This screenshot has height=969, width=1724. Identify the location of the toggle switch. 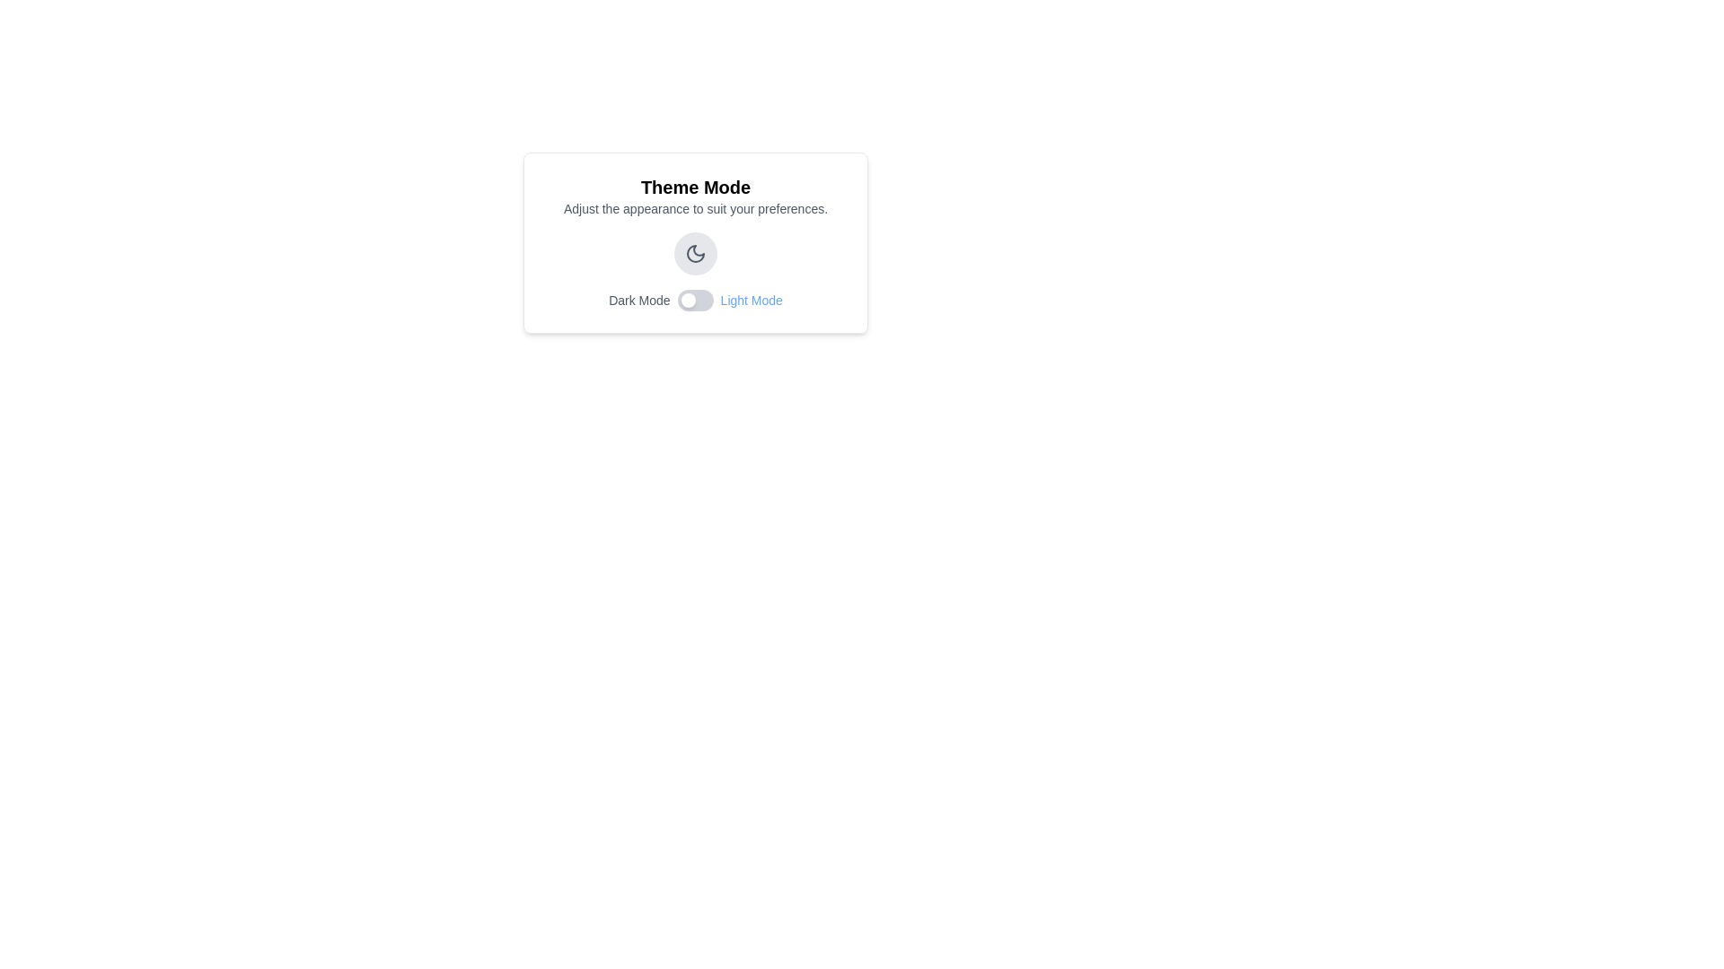
(676, 300).